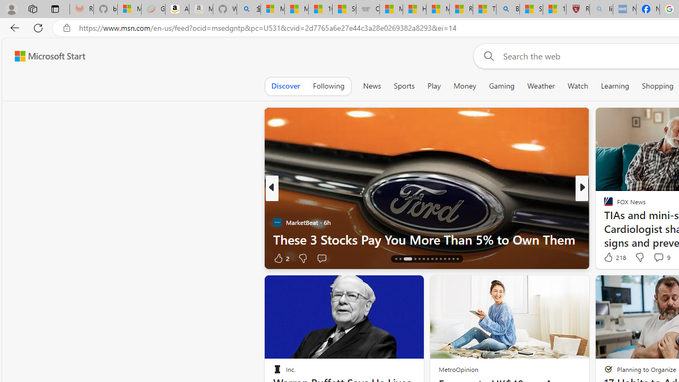 The width and height of the screenshot is (679, 382). I want to click on 'View comments 167 Comment', so click(655, 258).